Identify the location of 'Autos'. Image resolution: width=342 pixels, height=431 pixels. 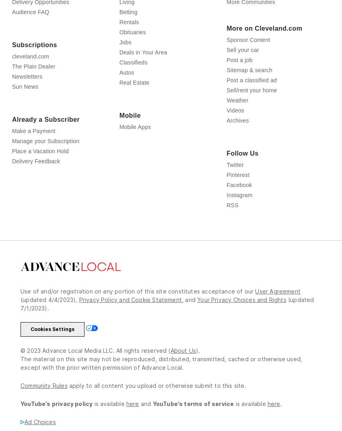
(126, 90).